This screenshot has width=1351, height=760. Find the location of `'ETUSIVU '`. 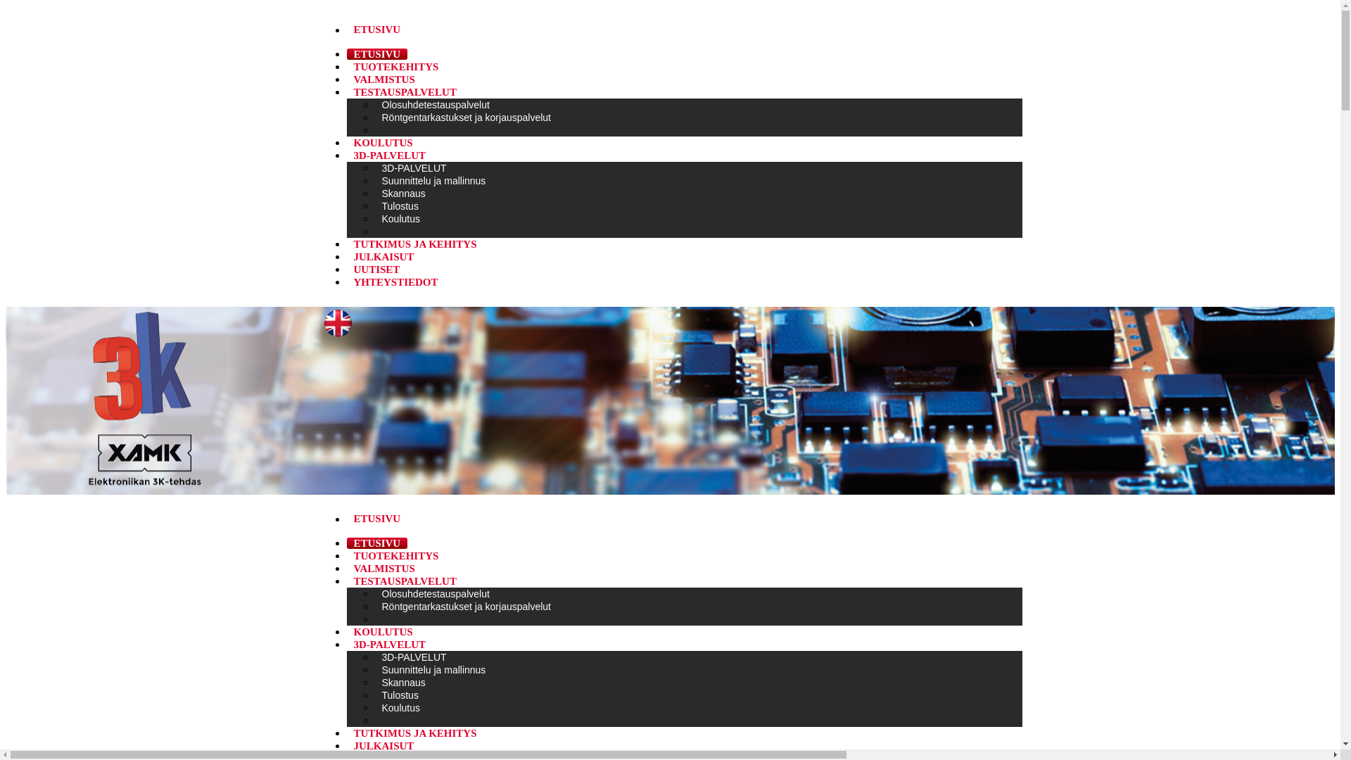

'ETUSIVU ' is located at coordinates (345, 30).